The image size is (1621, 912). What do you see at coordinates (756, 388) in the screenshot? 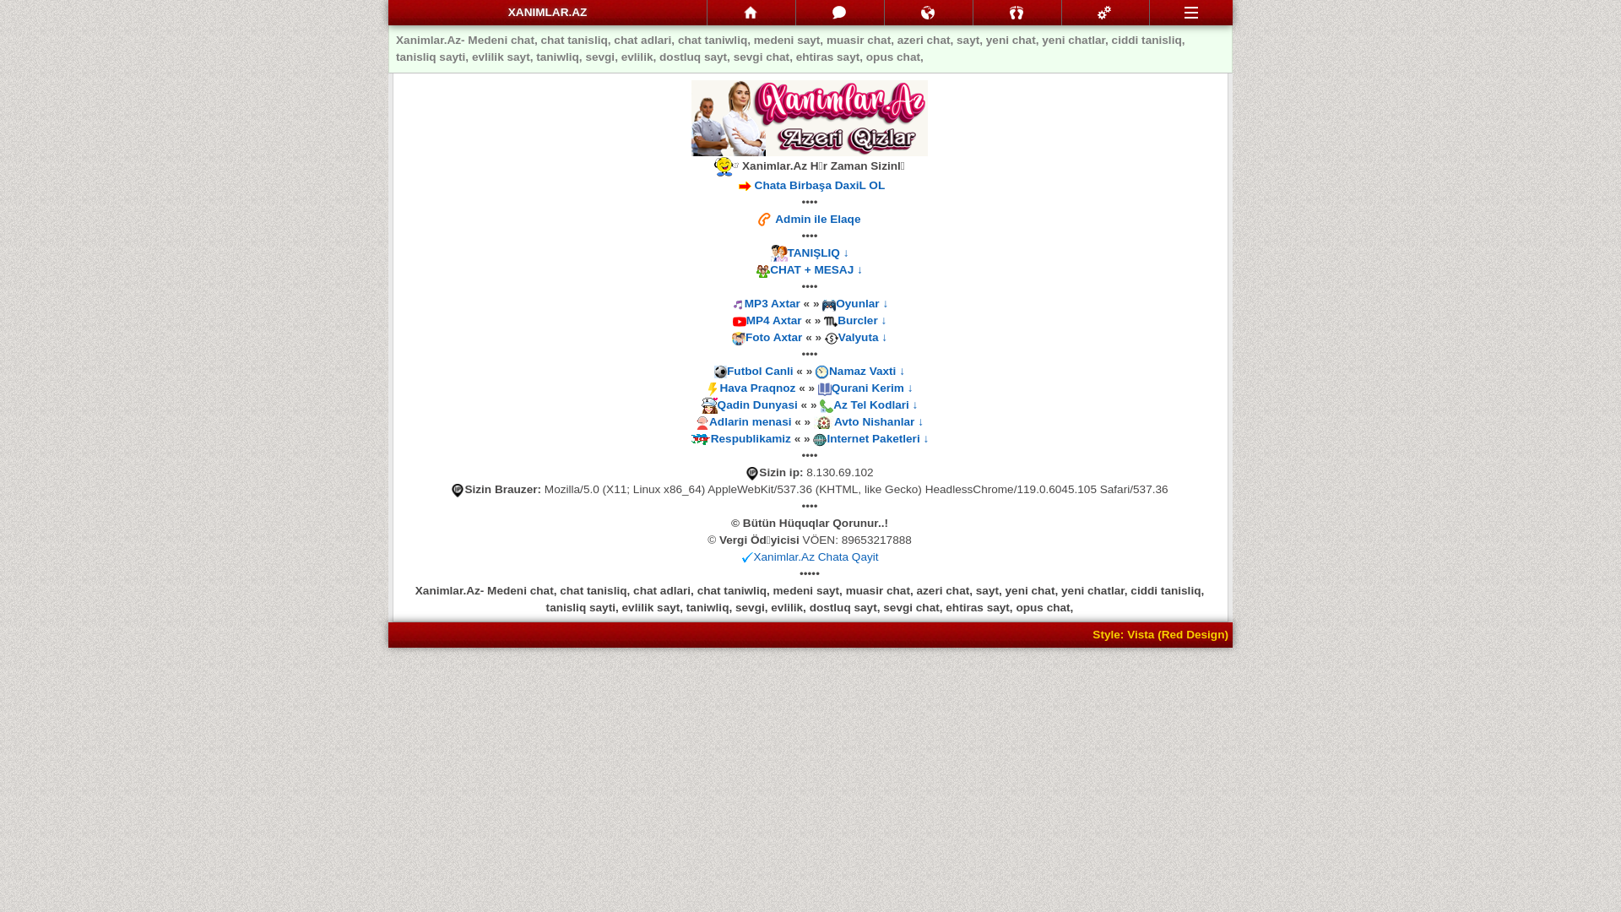
I see `'Hava Praqnoz'` at bounding box center [756, 388].